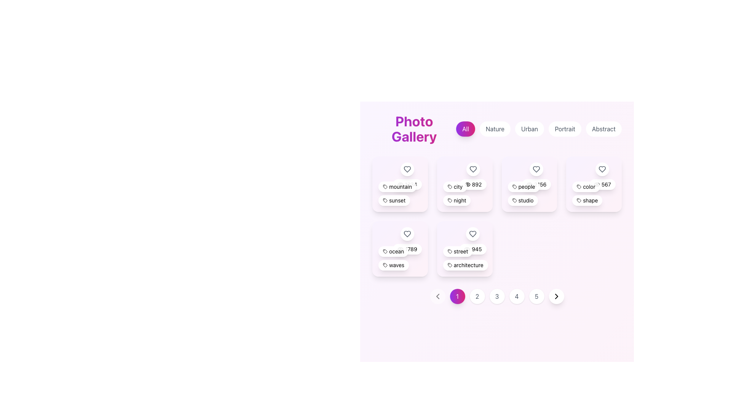 Image resolution: width=731 pixels, height=411 pixels. What do you see at coordinates (407, 249) in the screenshot?
I see `the text label displaying a count related` at bounding box center [407, 249].